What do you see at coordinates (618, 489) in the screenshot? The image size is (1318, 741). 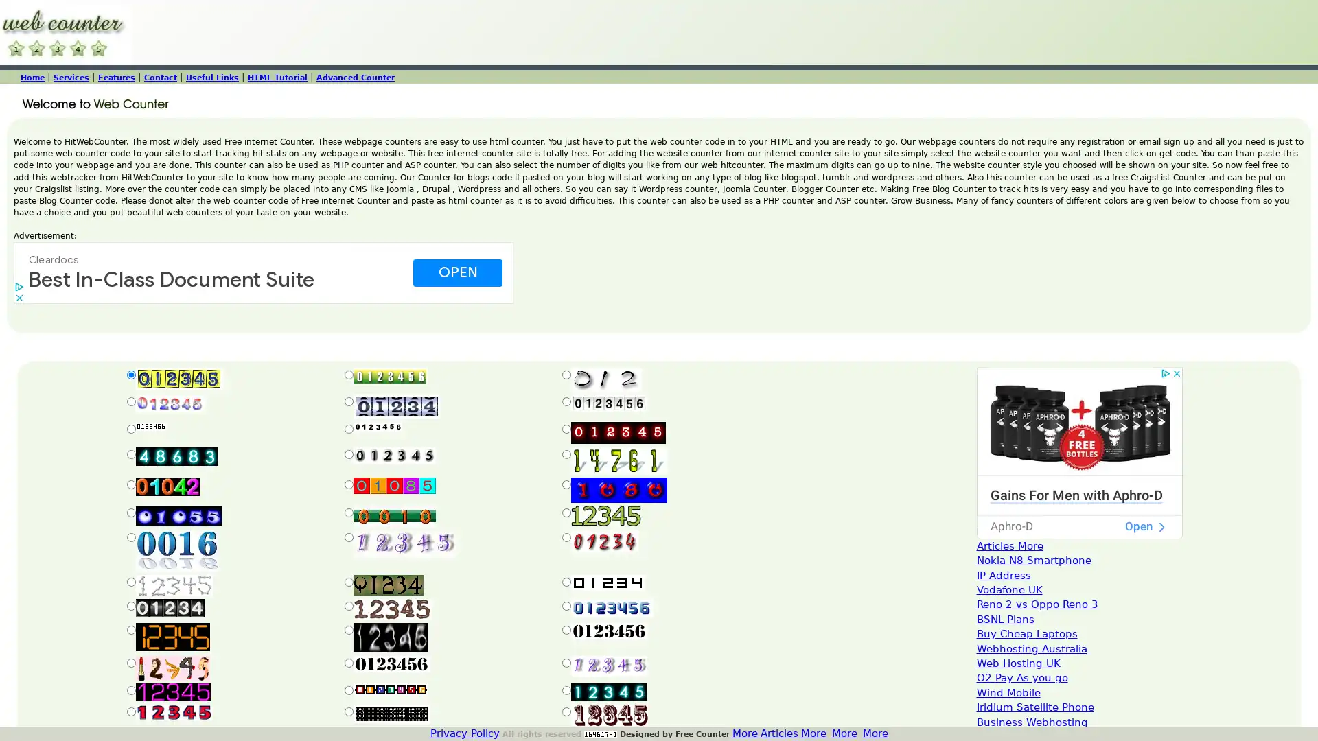 I see `Submit` at bounding box center [618, 489].